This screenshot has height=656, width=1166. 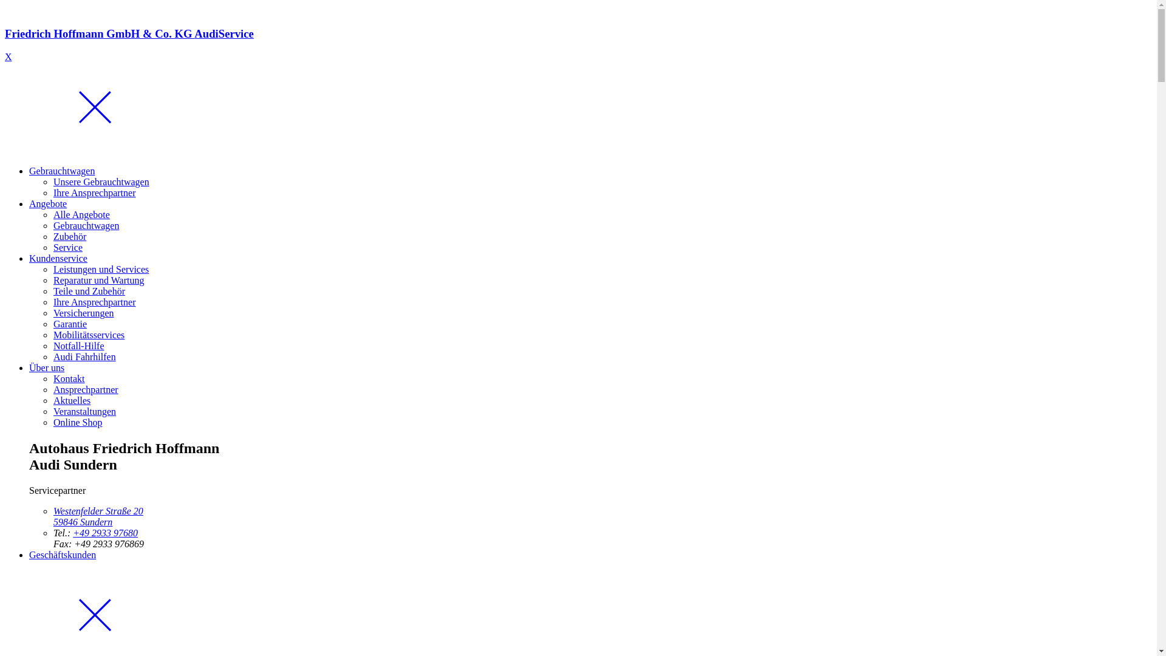 I want to click on 'Service', so click(x=67, y=247).